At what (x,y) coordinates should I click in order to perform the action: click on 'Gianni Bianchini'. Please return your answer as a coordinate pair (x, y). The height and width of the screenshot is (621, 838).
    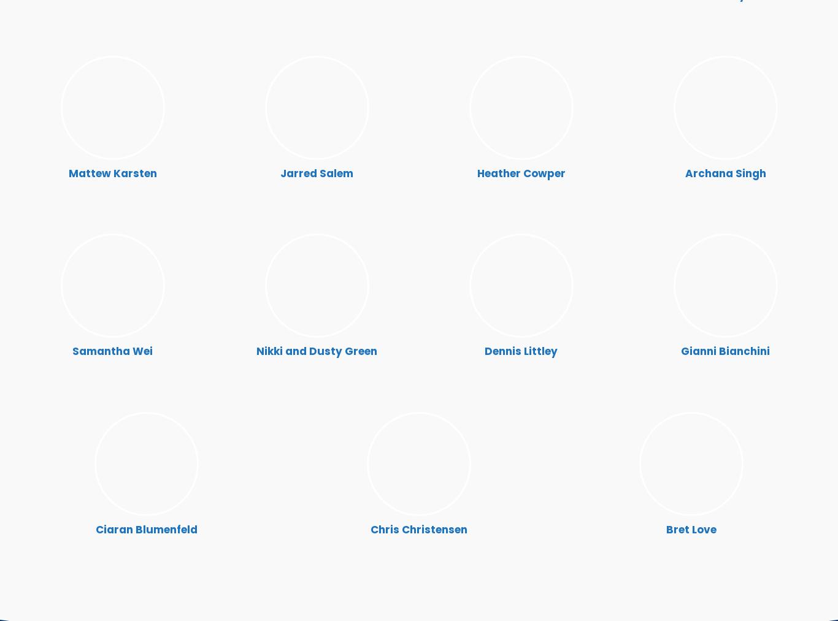
    Looking at the image, I should click on (680, 351).